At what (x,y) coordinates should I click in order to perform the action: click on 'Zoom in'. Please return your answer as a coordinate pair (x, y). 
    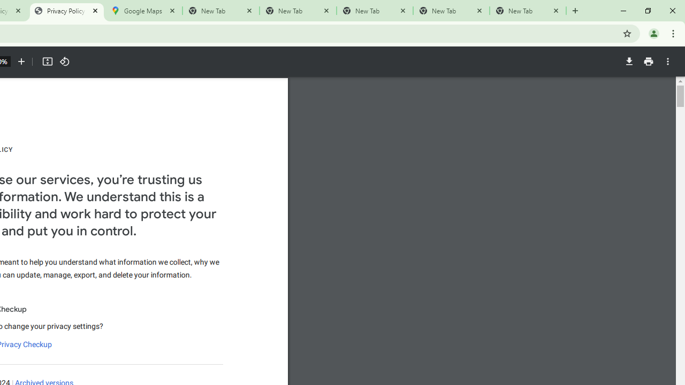
    Looking at the image, I should click on (21, 61).